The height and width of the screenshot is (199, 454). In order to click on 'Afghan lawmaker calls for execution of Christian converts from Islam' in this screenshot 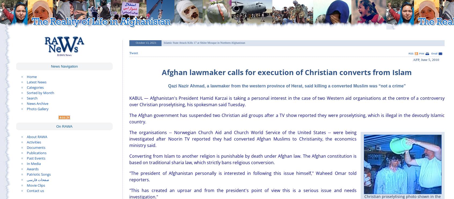, I will do `click(287, 72)`.